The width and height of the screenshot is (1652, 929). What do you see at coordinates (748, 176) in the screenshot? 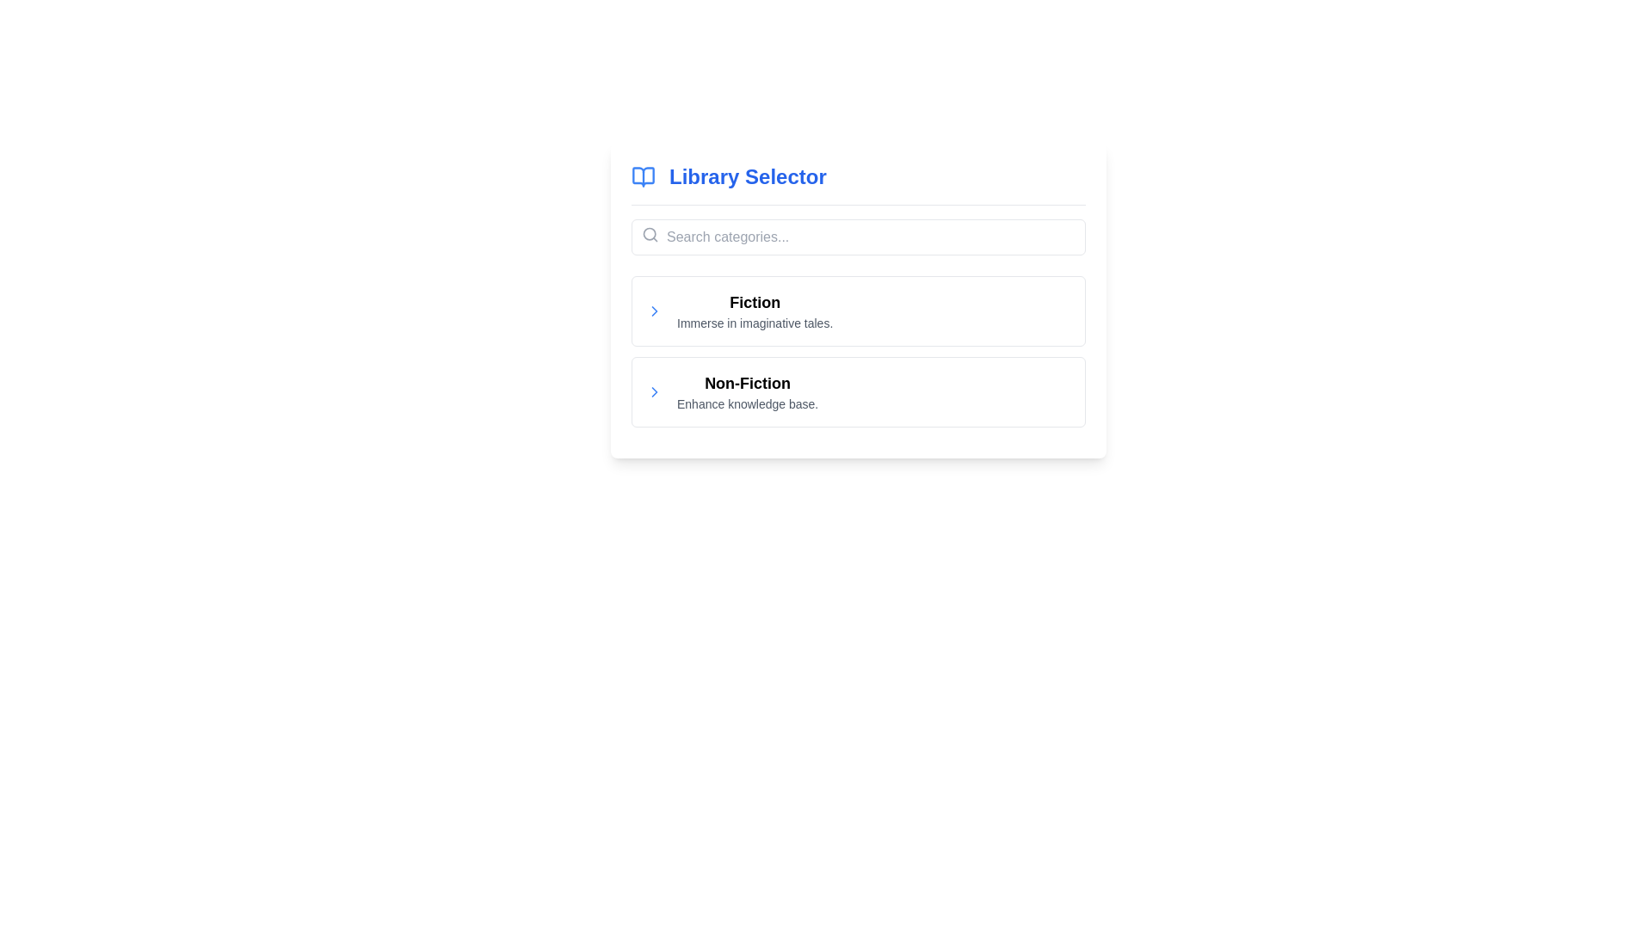
I see `Text label that serves as a header for the libraries section, positioned near the middle and slightly right of the top section of the interface` at bounding box center [748, 176].